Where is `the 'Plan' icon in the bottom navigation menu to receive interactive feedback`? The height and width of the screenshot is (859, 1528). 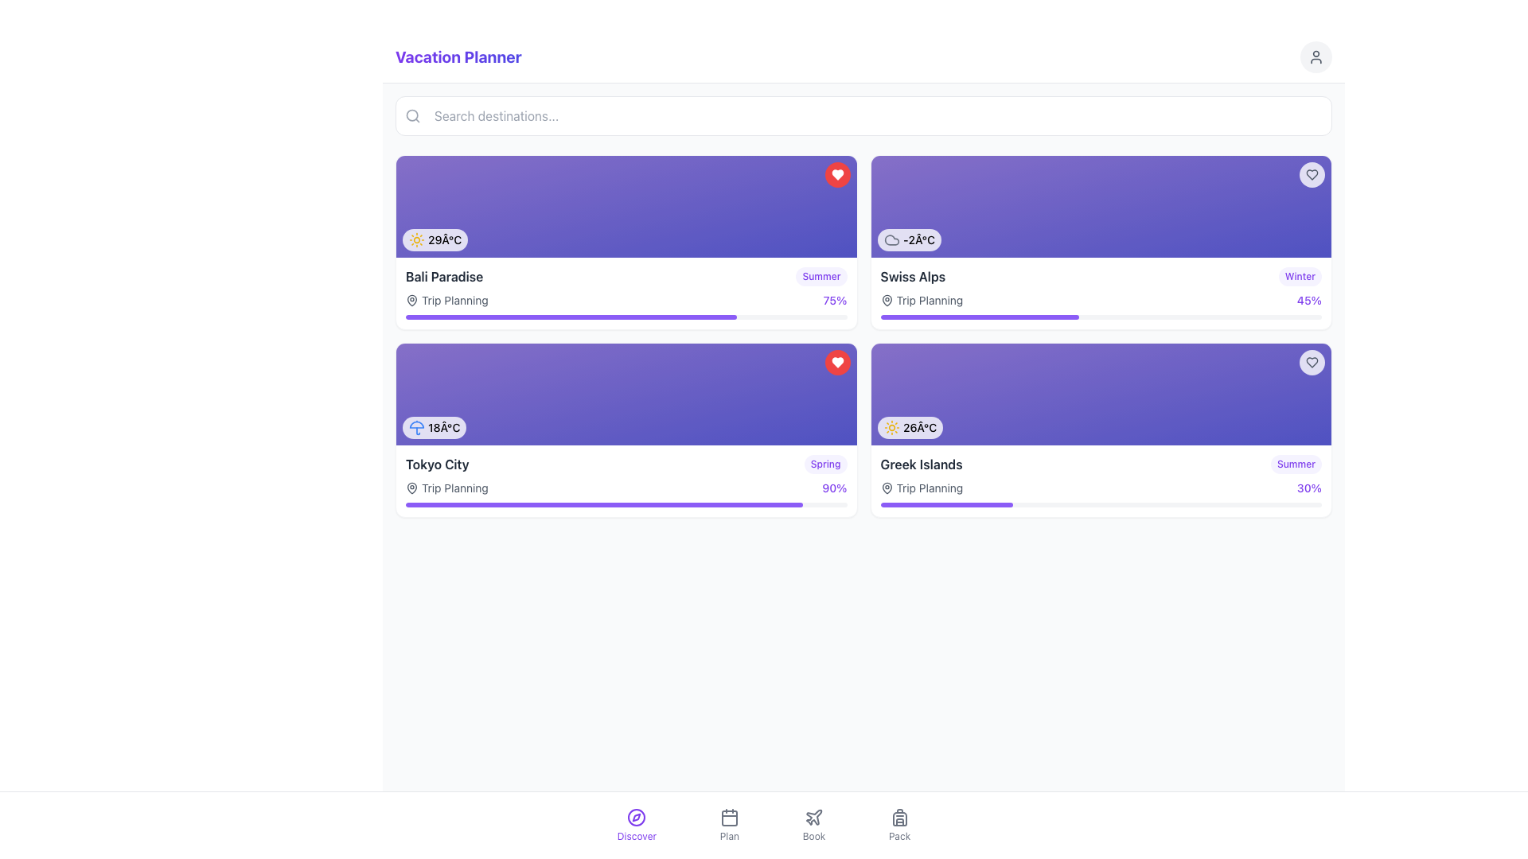
the 'Plan' icon in the bottom navigation menu to receive interactive feedback is located at coordinates (728, 818).